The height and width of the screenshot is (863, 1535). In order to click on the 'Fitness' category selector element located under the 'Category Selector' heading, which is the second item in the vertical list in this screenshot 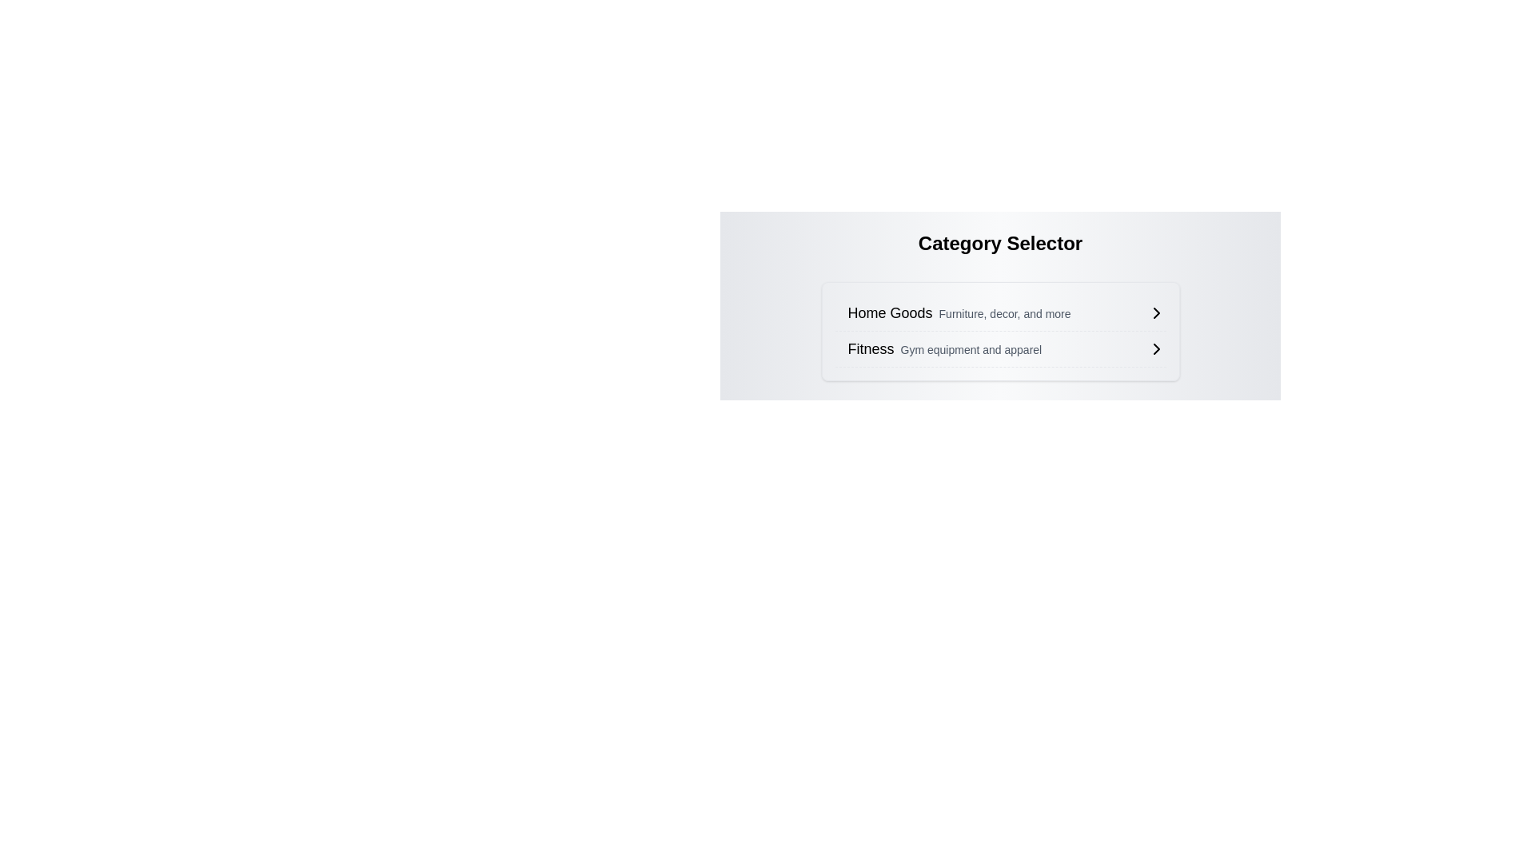, I will do `click(1006, 348)`.